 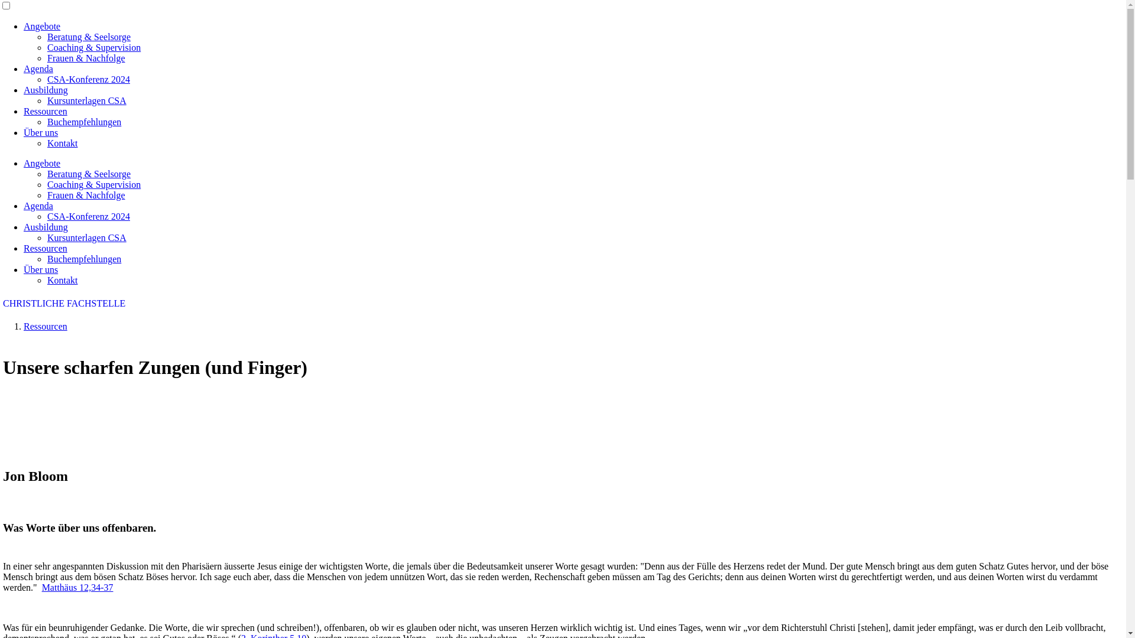 What do you see at coordinates (45, 326) in the screenshot?
I see `'Ressourcen'` at bounding box center [45, 326].